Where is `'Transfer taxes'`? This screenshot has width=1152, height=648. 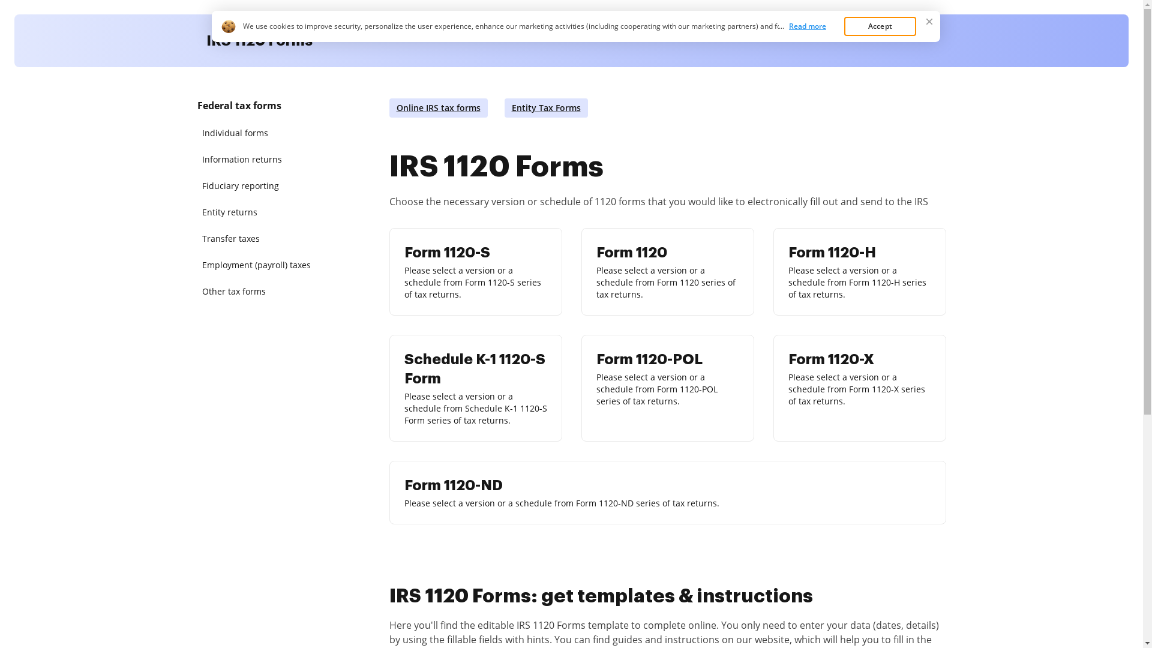
'Transfer taxes' is located at coordinates (259, 238).